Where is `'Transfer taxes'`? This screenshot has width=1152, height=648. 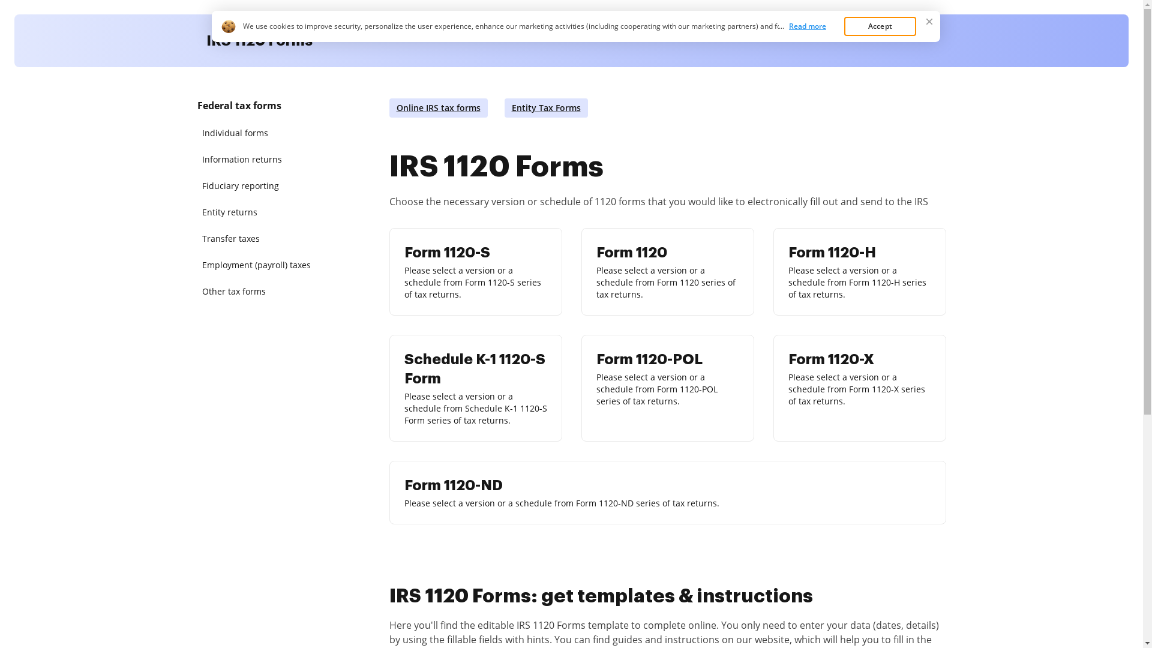
'Transfer taxes' is located at coordinates (259, 238).